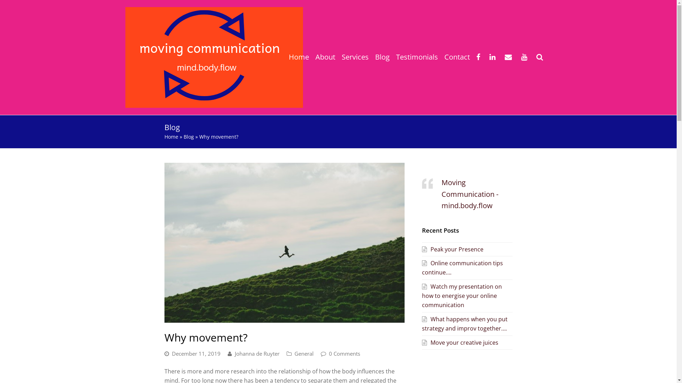  Describe the element at coordinates (381, 57) in the screenshot. I see `'Blog'` at that location.